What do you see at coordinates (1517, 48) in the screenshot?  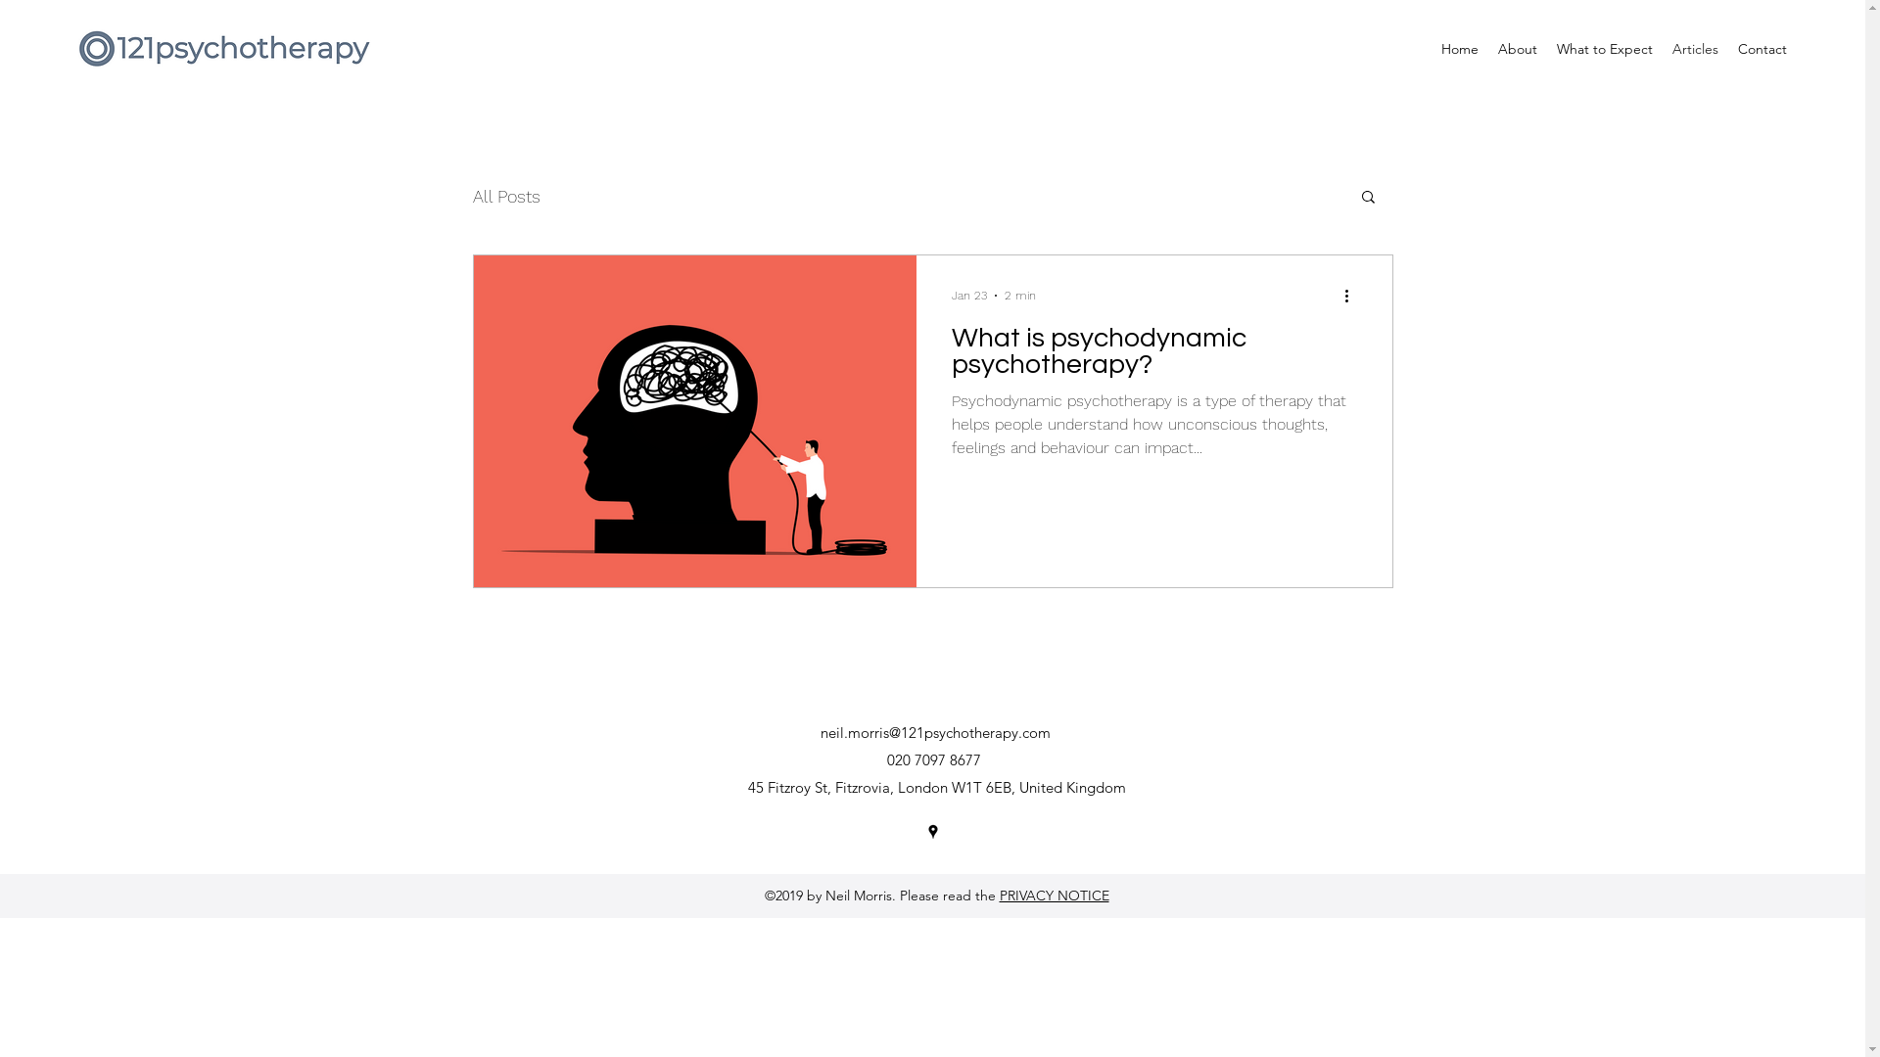 I see `'About'` at bounding box center [1517, 48].